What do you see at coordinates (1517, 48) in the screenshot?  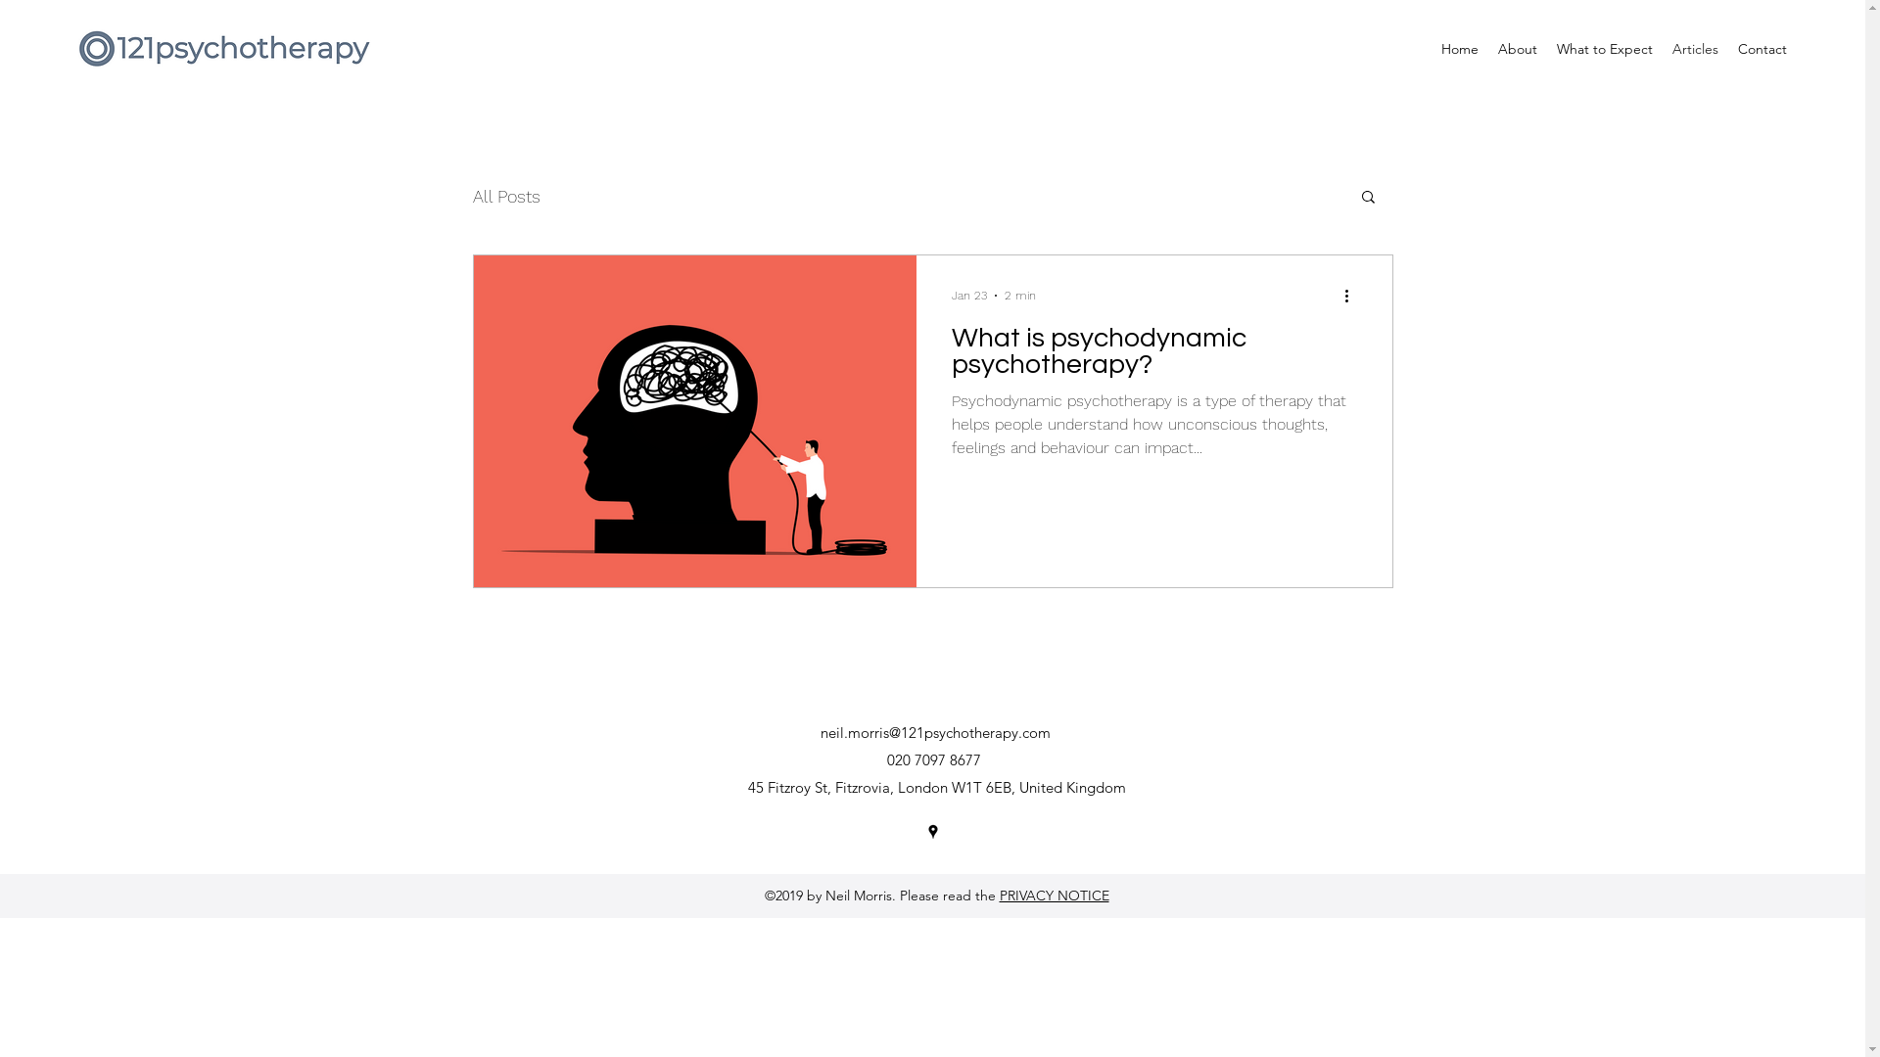 I see `'About'` at bounding box center [1517, 48].